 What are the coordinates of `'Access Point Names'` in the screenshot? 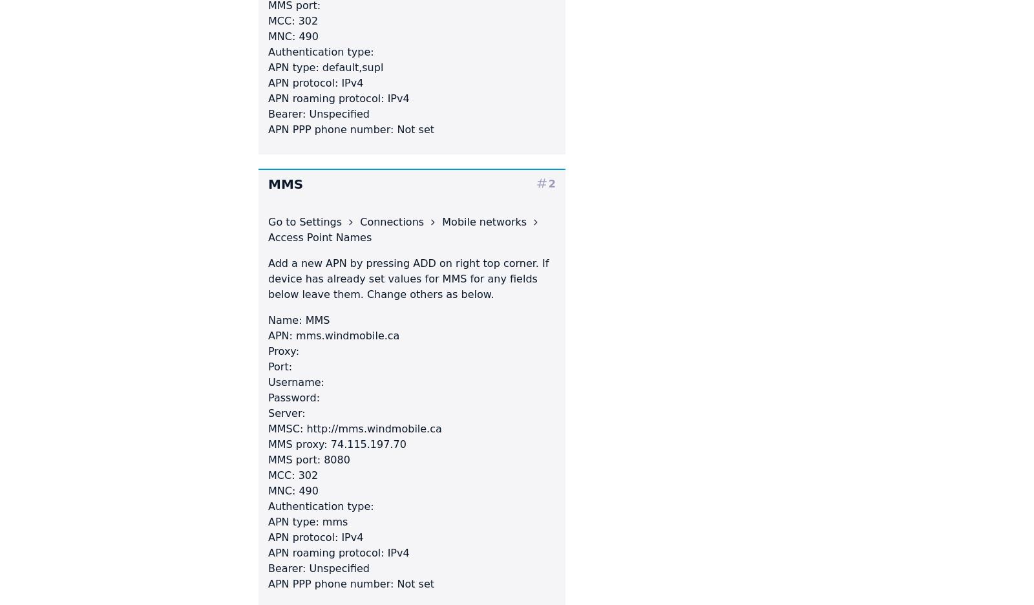 It's located at (319, 237).